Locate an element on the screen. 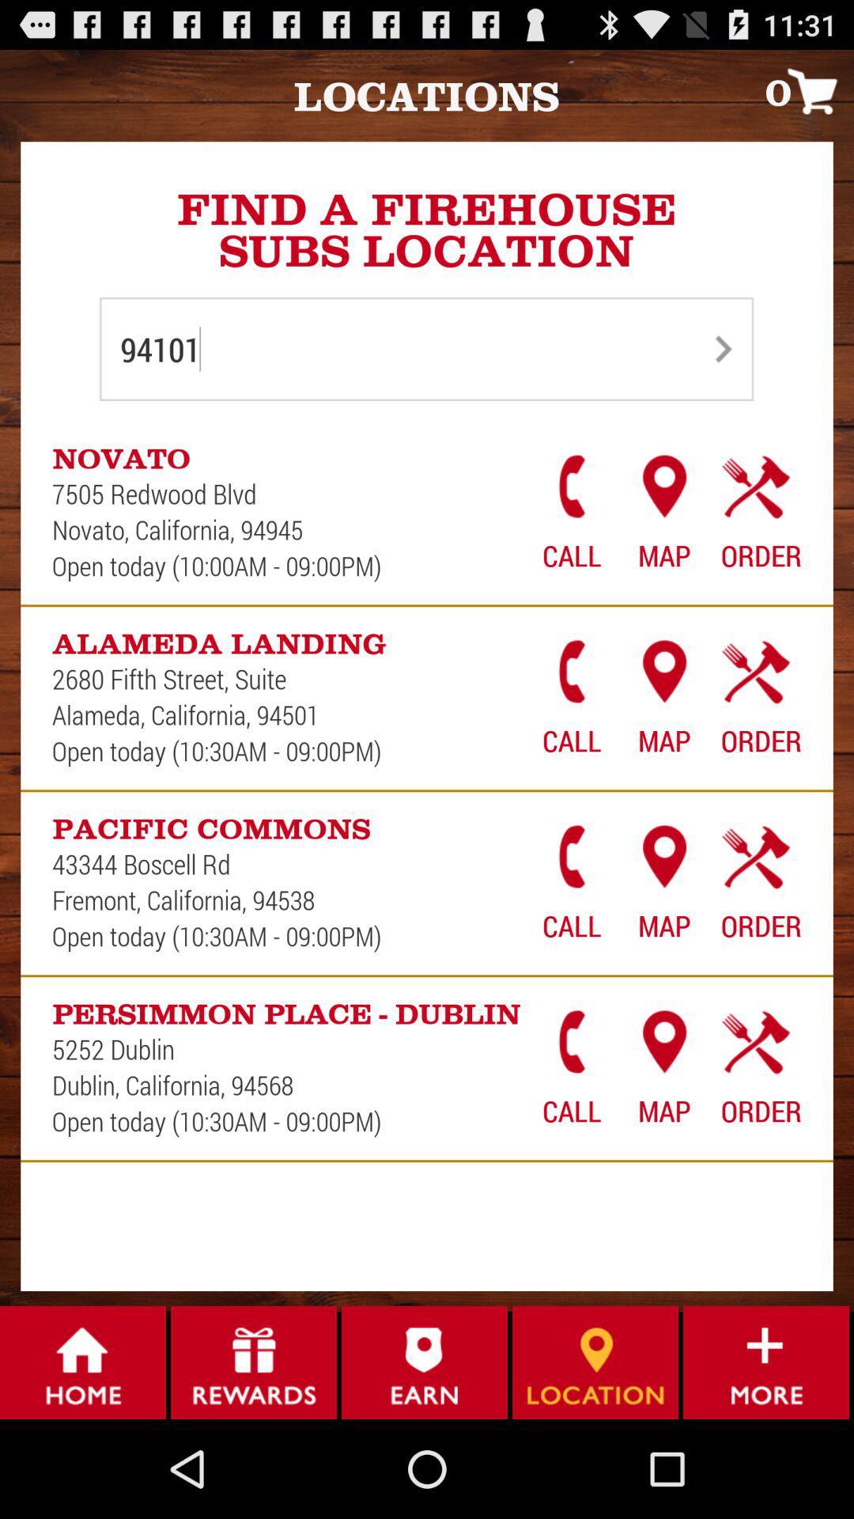  the arrow_forward icon is located at coordinates (723, 373).